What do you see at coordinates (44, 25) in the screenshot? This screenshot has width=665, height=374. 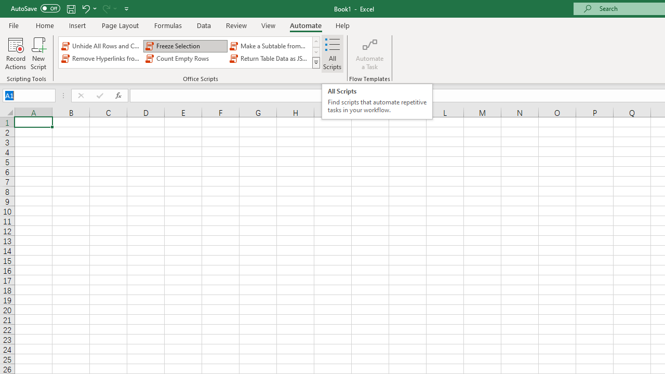 I see `'Home'` at bounding box center [44, 25].